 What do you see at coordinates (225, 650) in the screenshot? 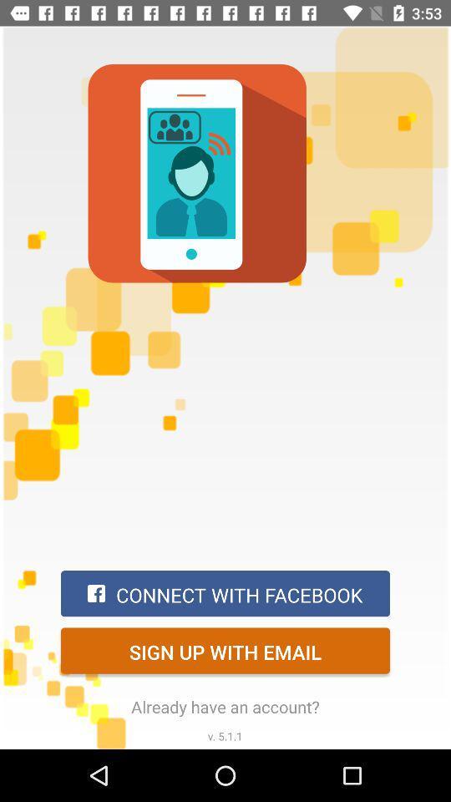
I see `the icon above already have an` at bounding box center [225, 650].